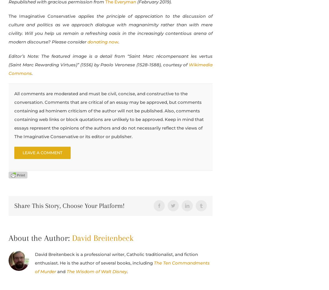  What do you see at coordinates (66, 271) in the screenshot?
I see `'The Wisdom of Walt Disney'` at bounding box center [66, 271].